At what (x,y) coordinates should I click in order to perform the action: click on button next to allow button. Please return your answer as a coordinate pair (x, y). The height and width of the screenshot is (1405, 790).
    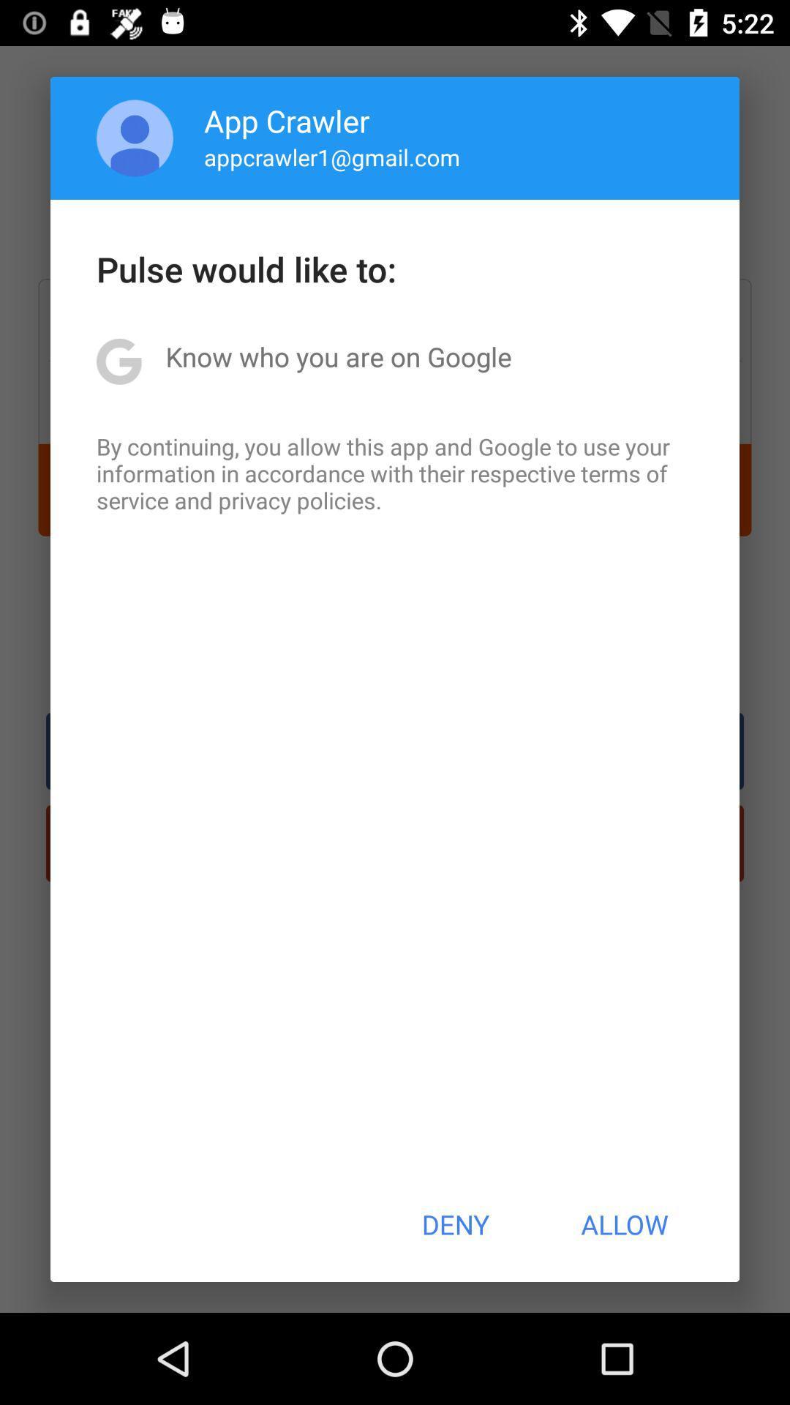
    Looking at the image, I should click on (454, 1224).